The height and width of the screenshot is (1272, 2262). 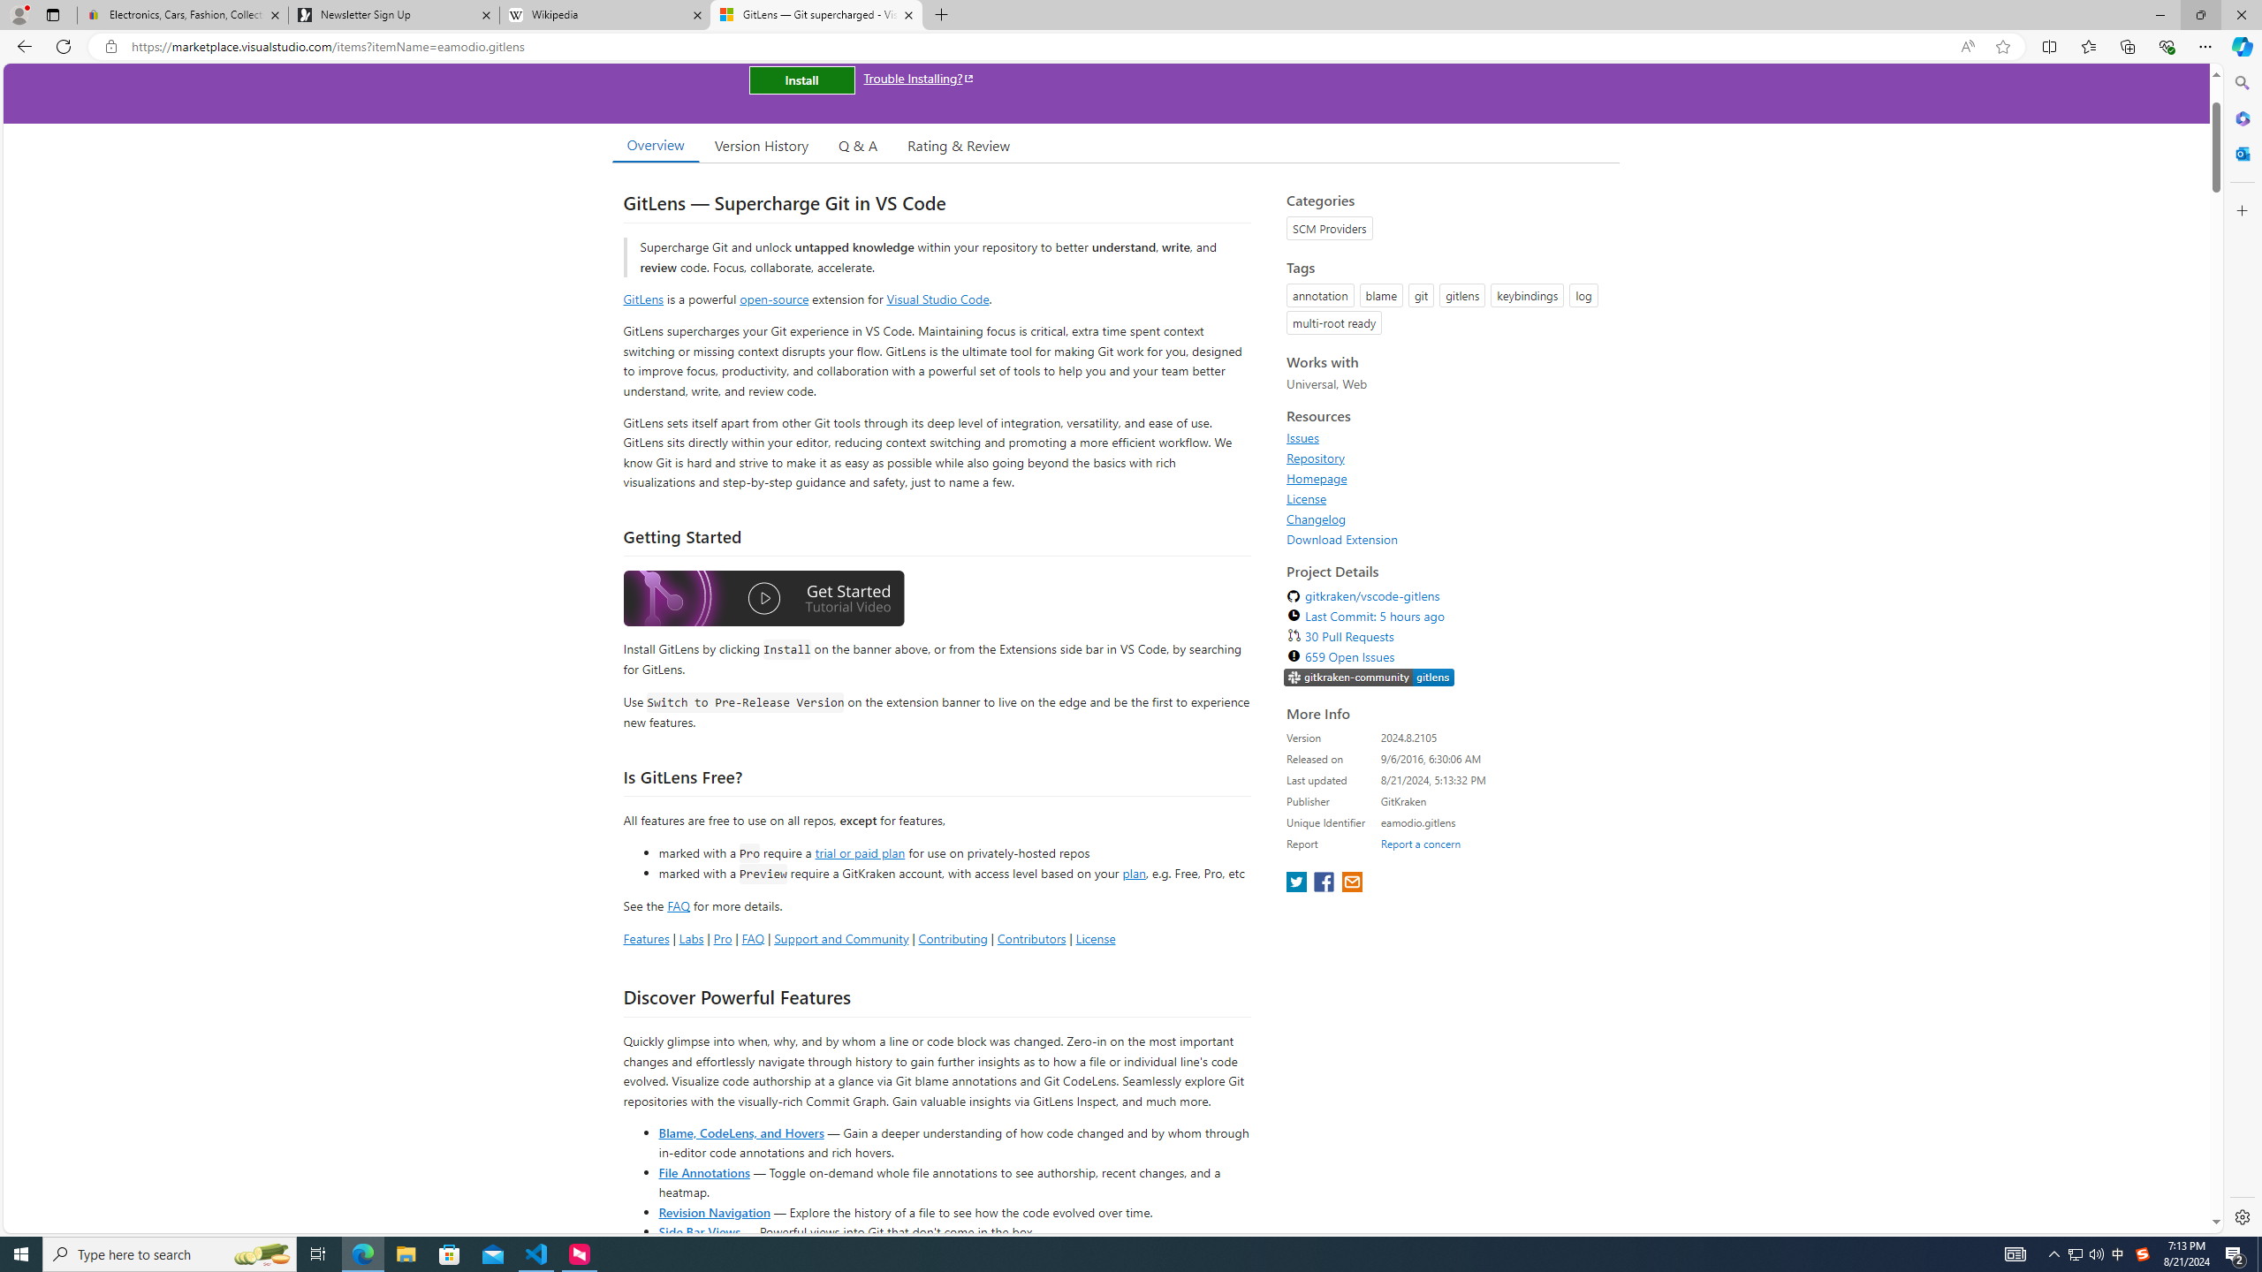 I want to click on 'trial or paid plan', so click(x=858, y=852).